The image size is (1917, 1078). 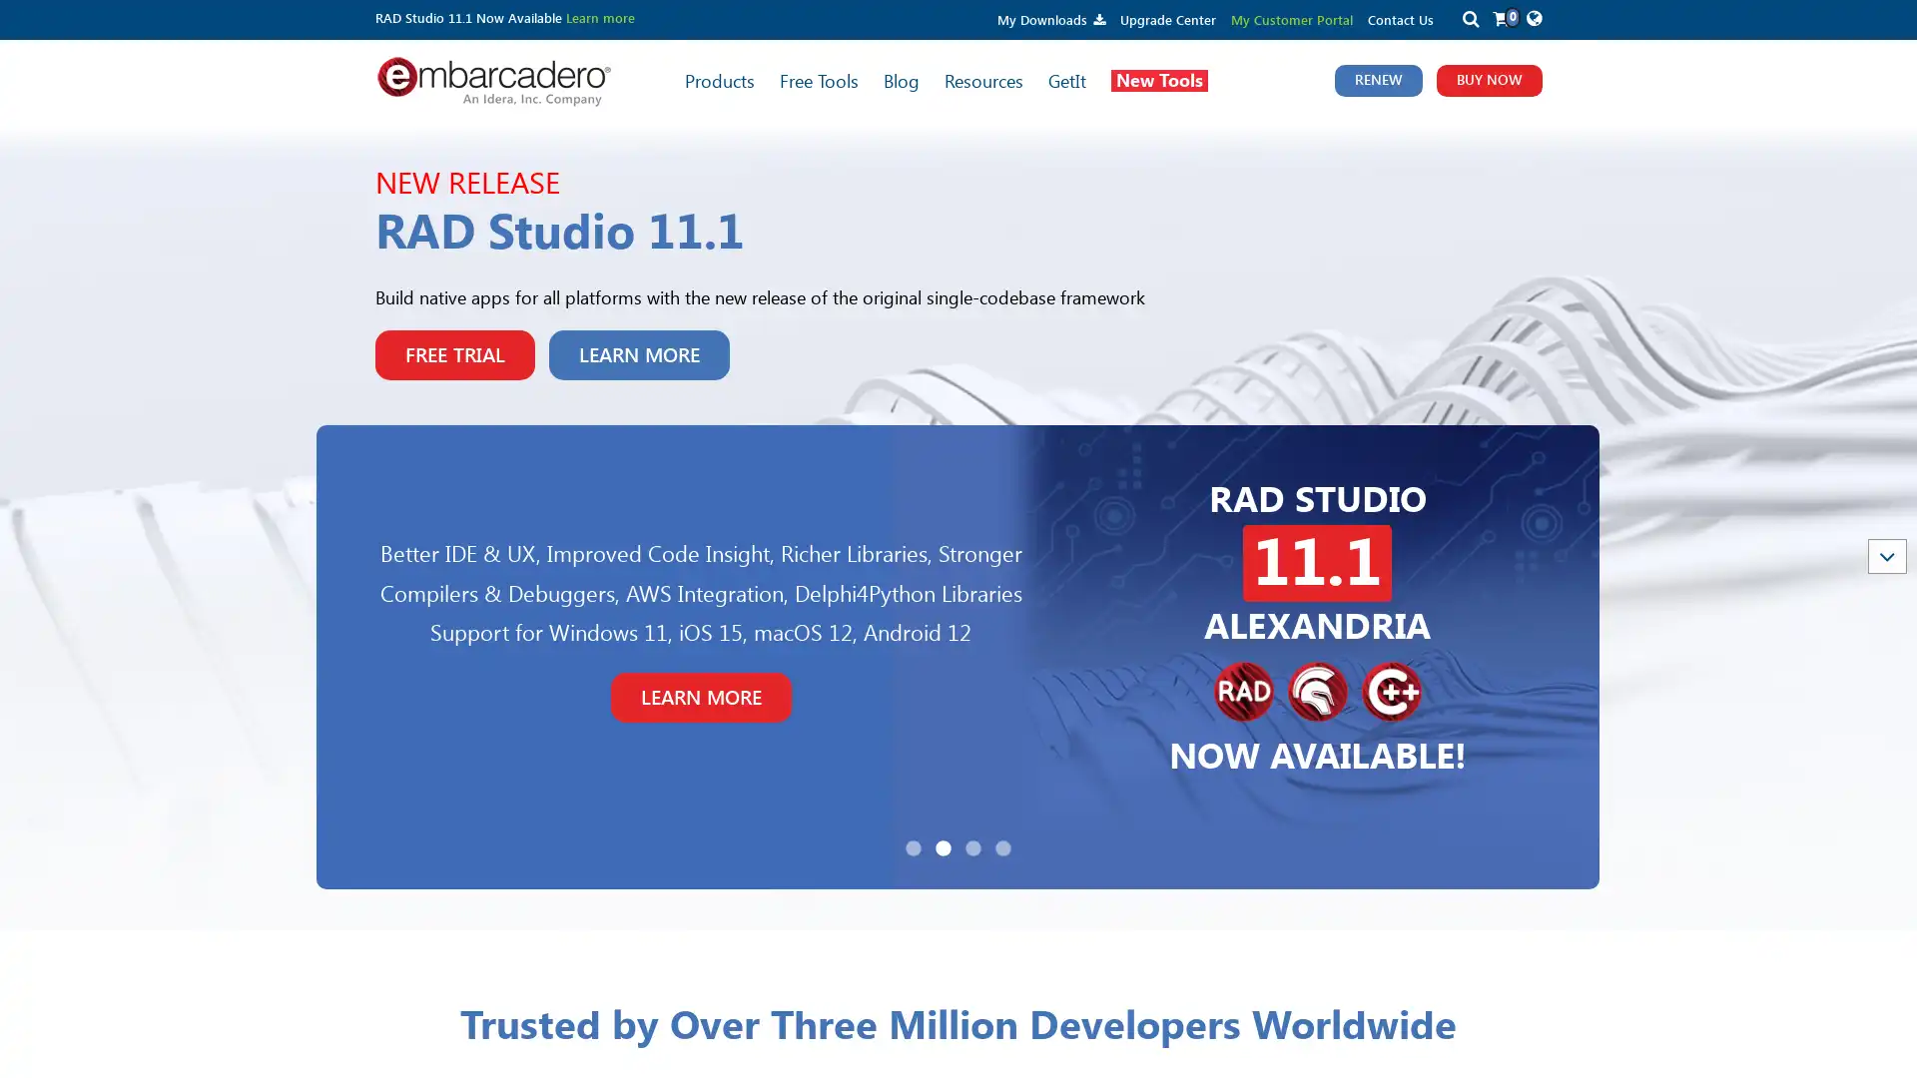 I want to click on 1, so click(x=913, y=847).